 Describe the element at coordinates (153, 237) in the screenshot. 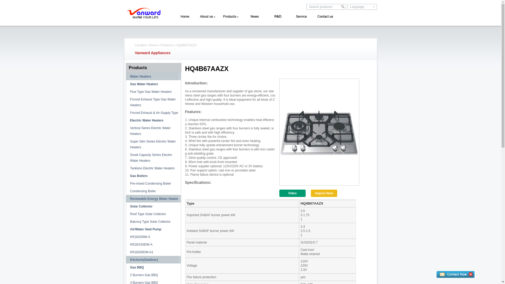

I see `'KR18/200W-A'` at that location.